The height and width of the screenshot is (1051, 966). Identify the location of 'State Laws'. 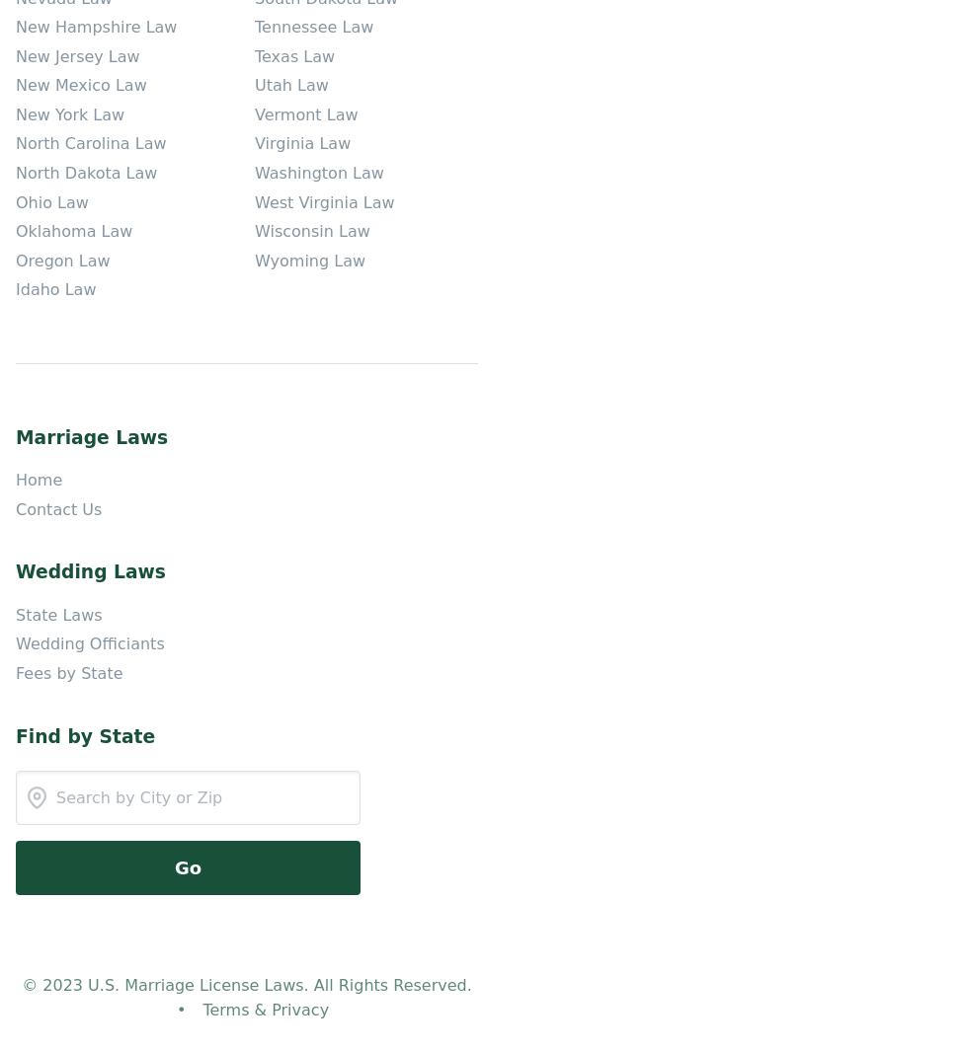
(58, 614).